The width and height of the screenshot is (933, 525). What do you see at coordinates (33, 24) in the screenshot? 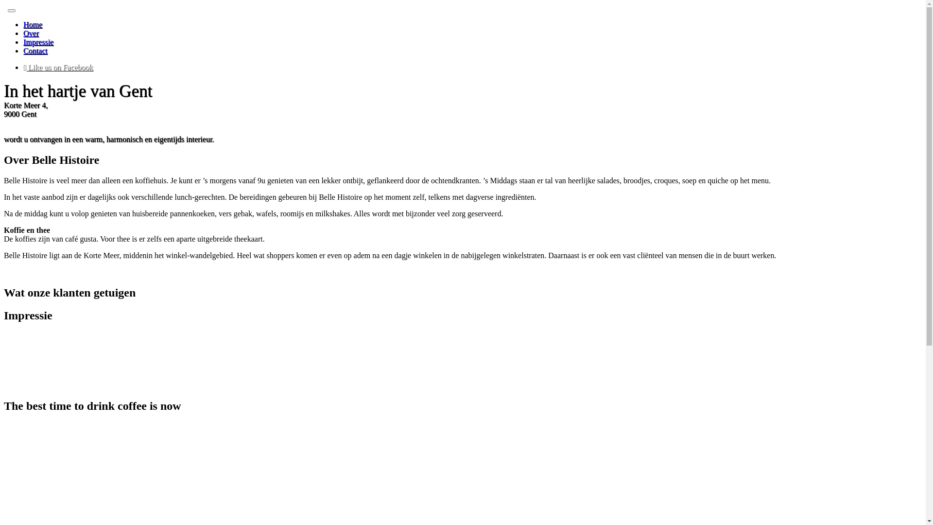
I see `'Home'` at bounding box center [33, 24].